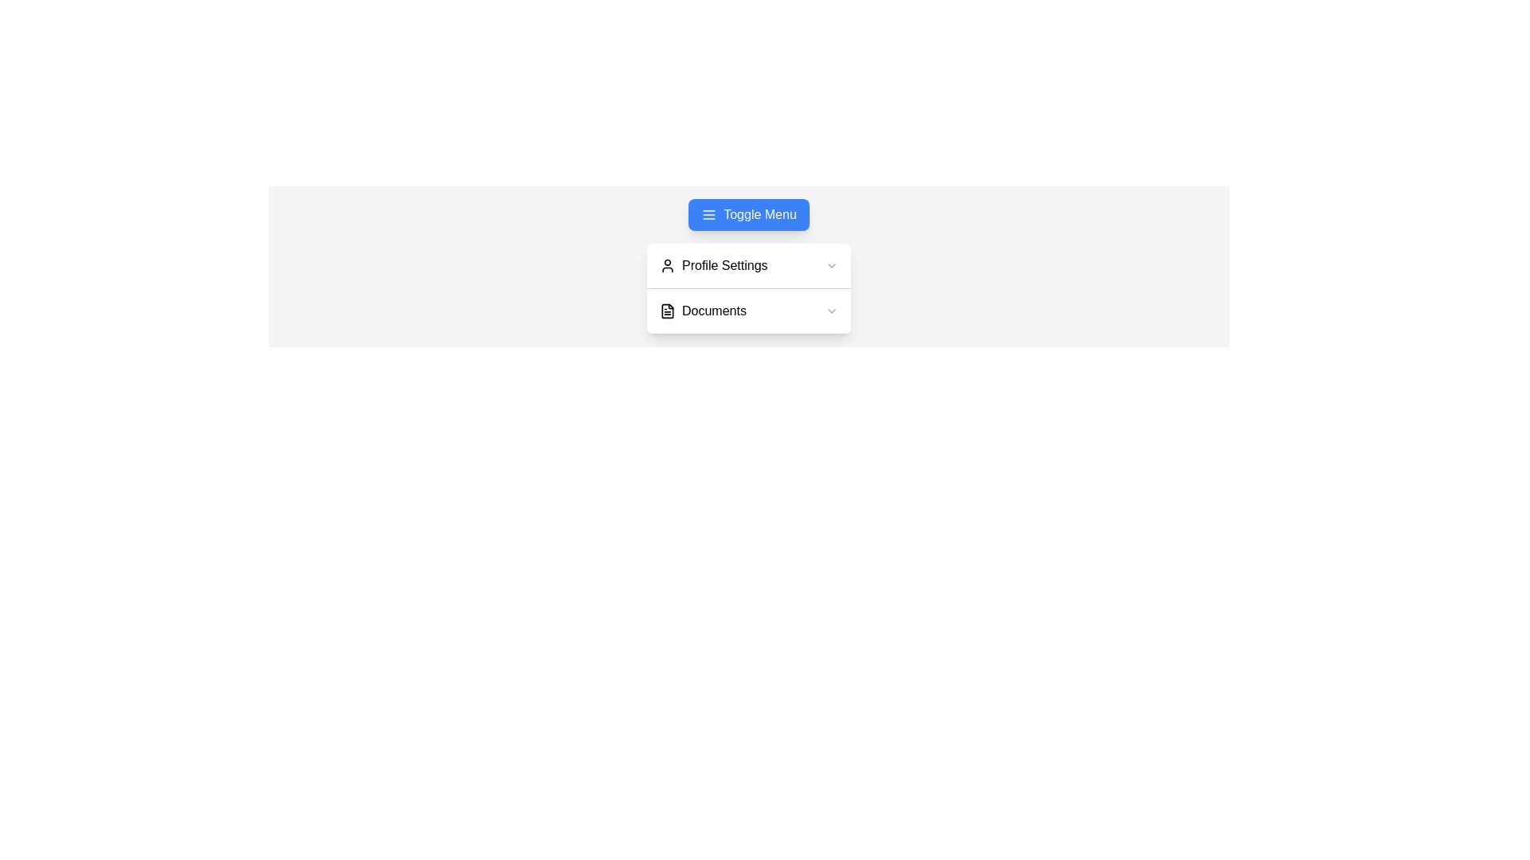  Describe the element at coordinates (668, 265) in the screenshot. I see `the 'Profile Settings' icon represented by an SVG graphic, located to the left of the text content in the menu bar` at that location.